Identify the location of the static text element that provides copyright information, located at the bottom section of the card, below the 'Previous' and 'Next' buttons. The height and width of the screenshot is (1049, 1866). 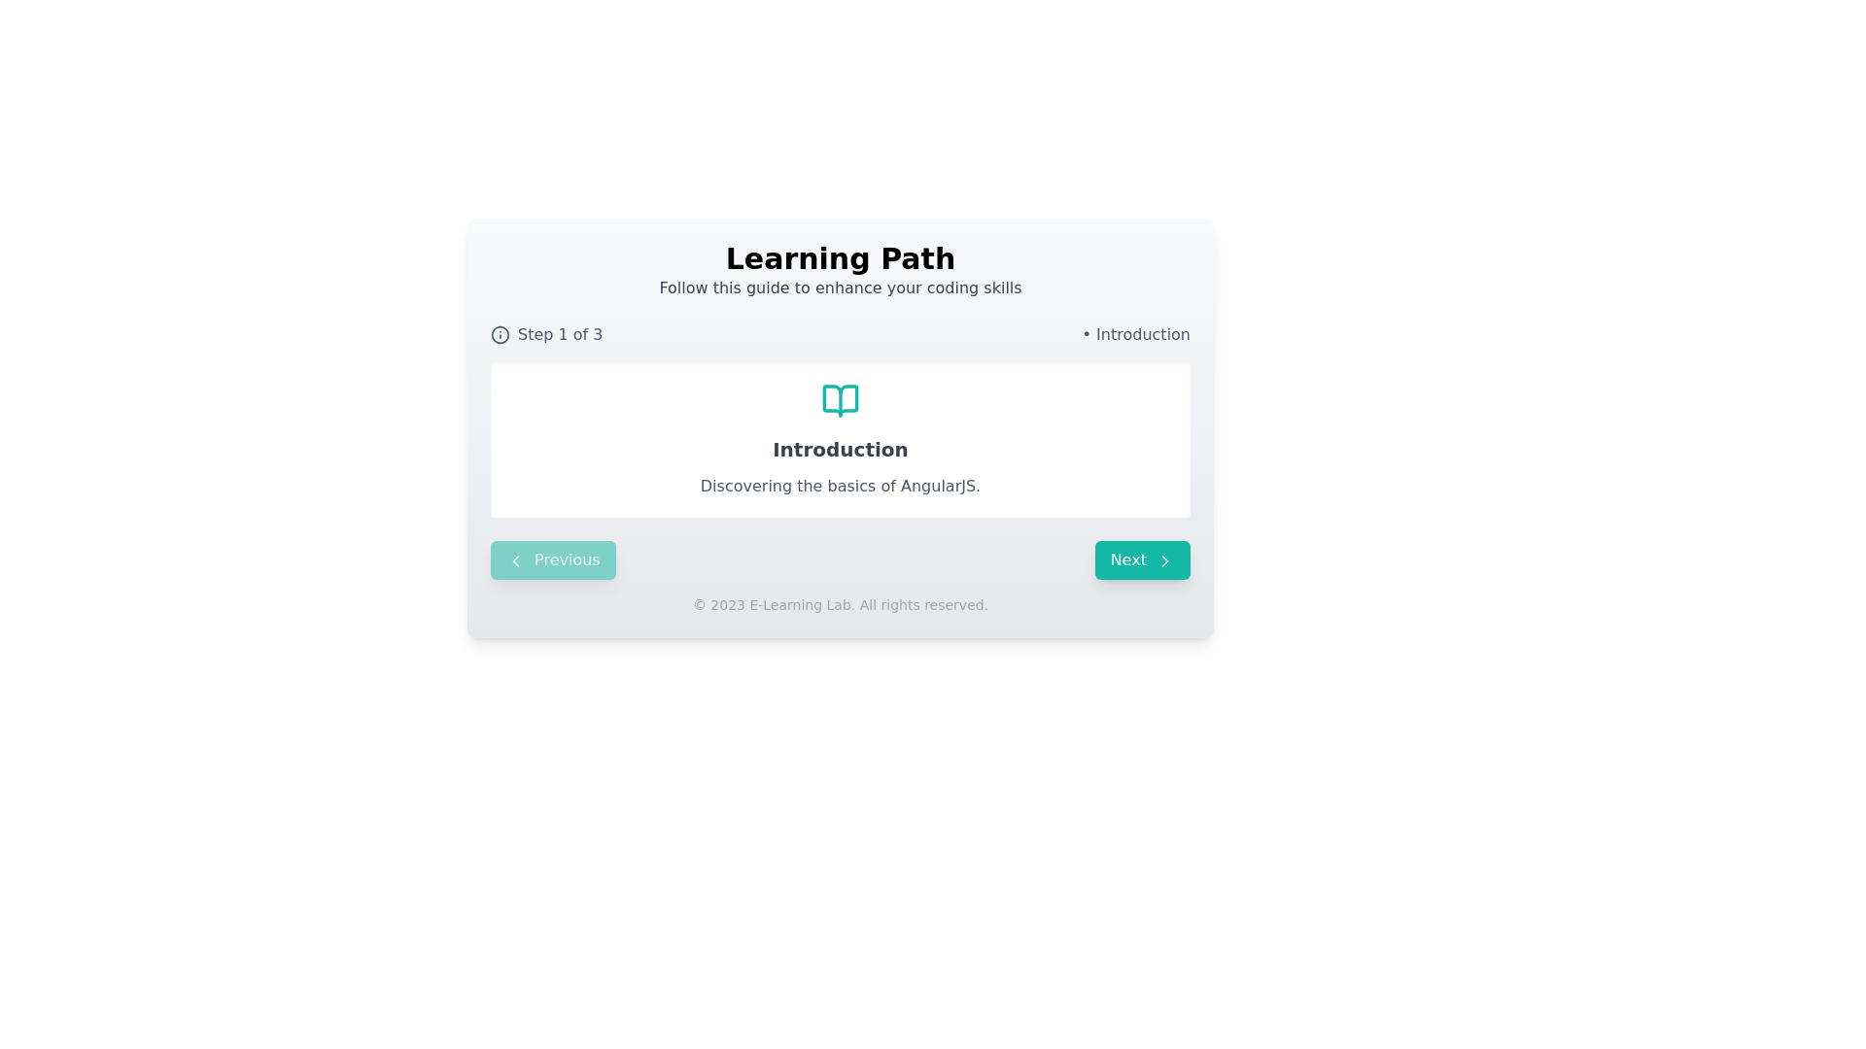
(840, 604).